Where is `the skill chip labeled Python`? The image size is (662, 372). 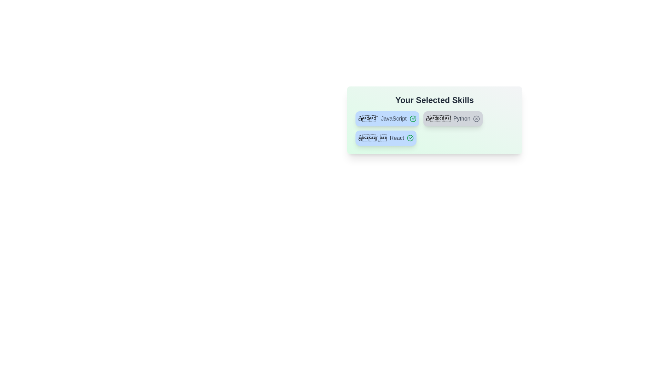
the skill chip labeled Python is located at coordinates (453, 118).